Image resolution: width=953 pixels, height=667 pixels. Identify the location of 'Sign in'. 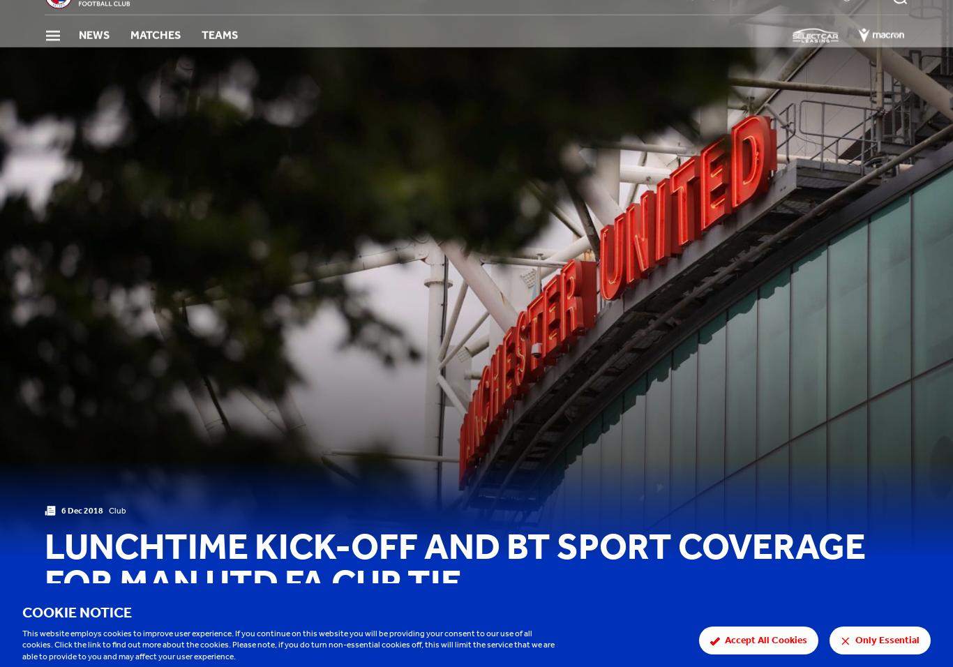
(870, 17).